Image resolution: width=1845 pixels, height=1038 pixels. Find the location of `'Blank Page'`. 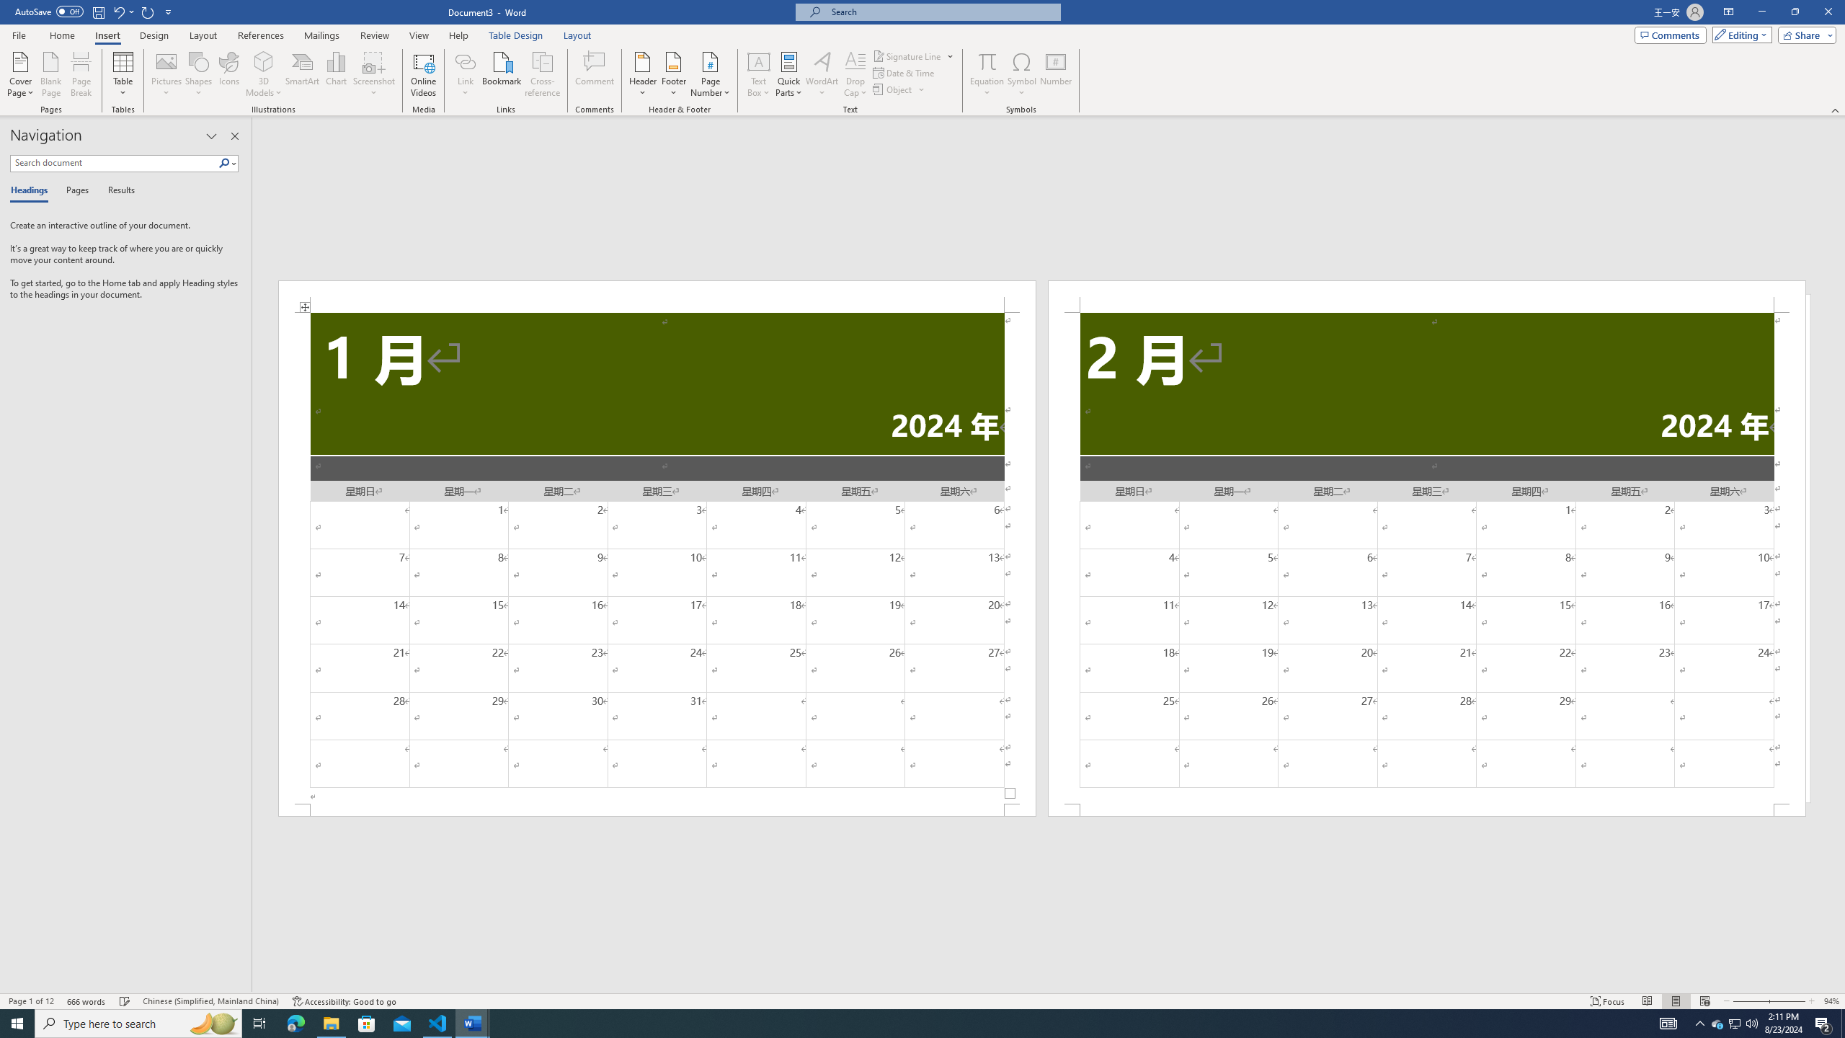

'Blank Page' is located at coordinates (50, 74).